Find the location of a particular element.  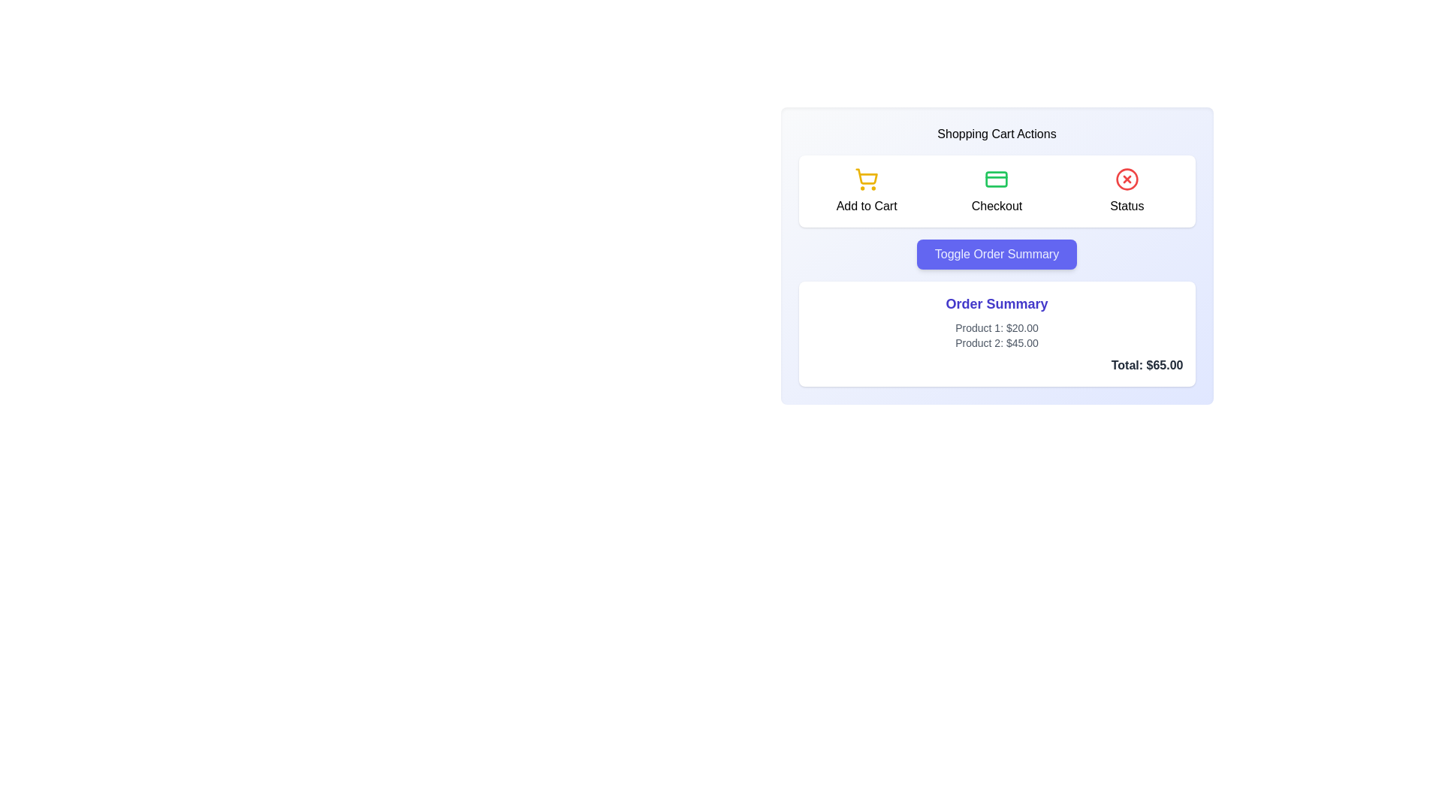

the primary rectangle structure of the credit card icon within the 'Checkout' button, which is centrally positioned between the 'Add to Cart' and 'Status' buttons is located at coordinates (997, 179).